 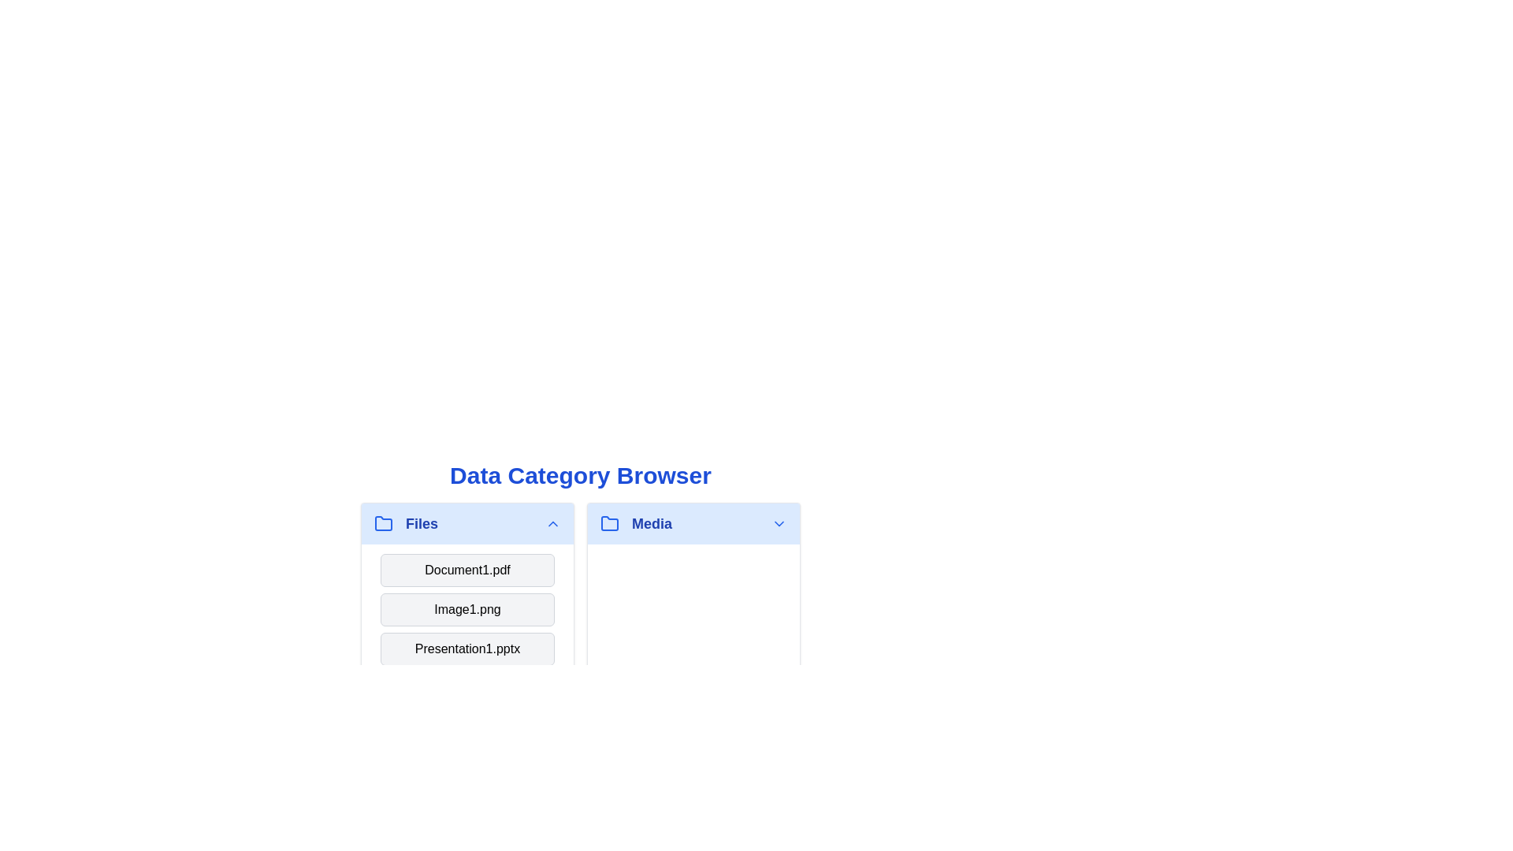 I want to click on the header of the category Media to toggle its expanded state, so click(x=693, y=523).